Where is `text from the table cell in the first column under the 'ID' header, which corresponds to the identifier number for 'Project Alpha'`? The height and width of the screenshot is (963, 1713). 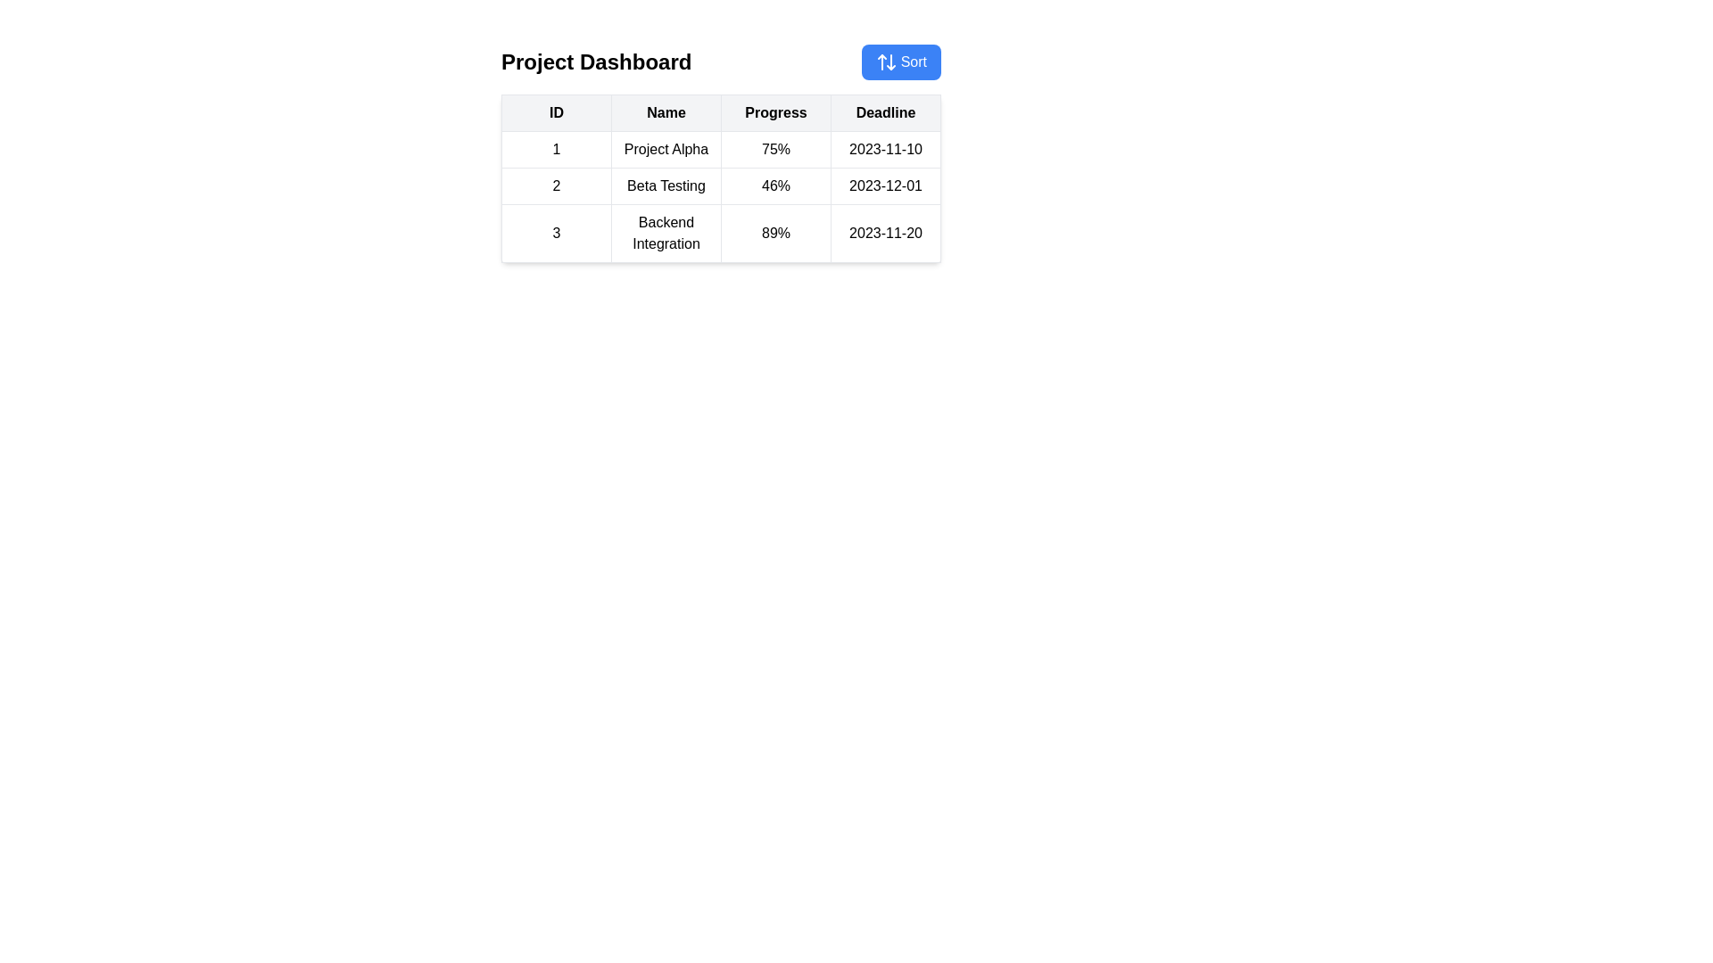
text from the table cell in the first column under the 'ID' header, which corresponds to the identifier number for 'Project Alpha' is located at coordinates (556, 149).